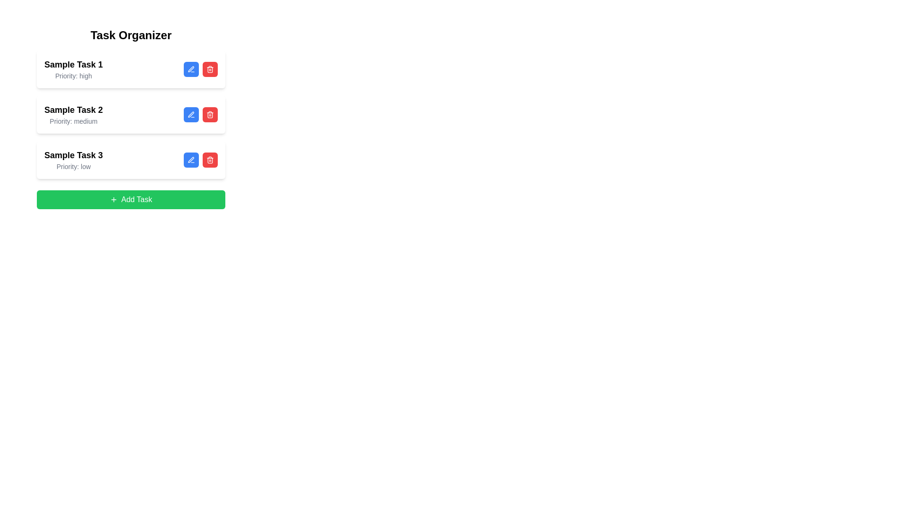  Describe the element at coordinates (210, 68) in the screenshot. I see `the red trash can icon button on the right side of 'Sample Task 1'` at that location.